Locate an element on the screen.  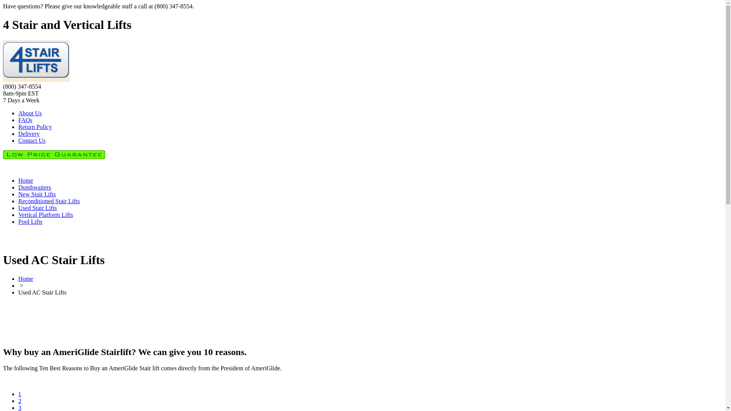
'1' is located at coordinates (18, 394).